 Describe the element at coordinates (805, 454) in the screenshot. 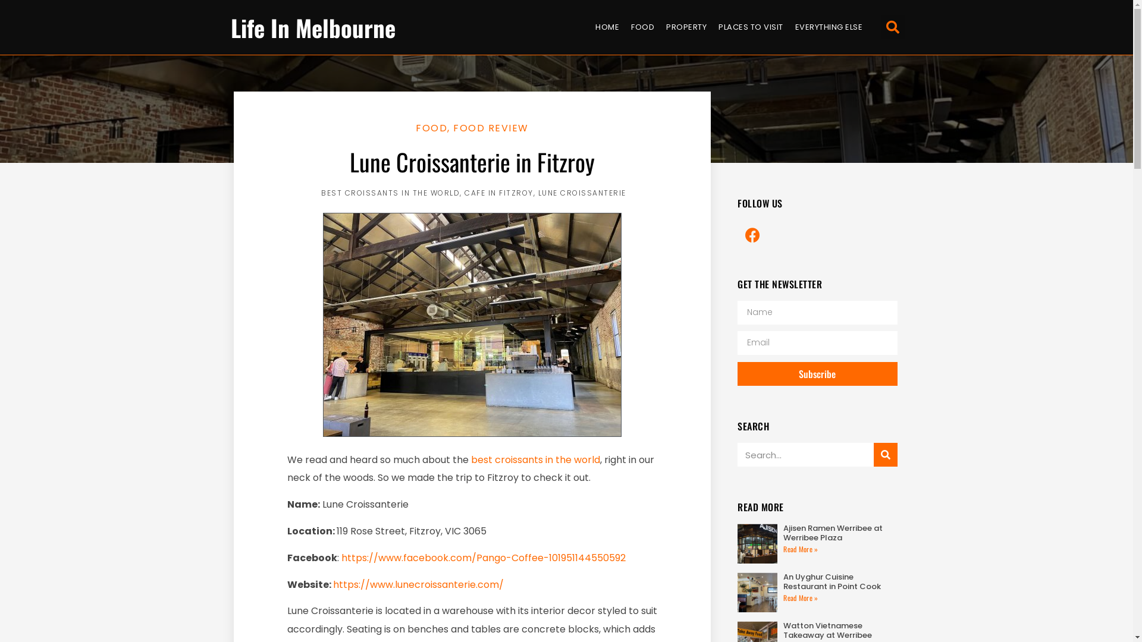

I see `'Search'` at that location.